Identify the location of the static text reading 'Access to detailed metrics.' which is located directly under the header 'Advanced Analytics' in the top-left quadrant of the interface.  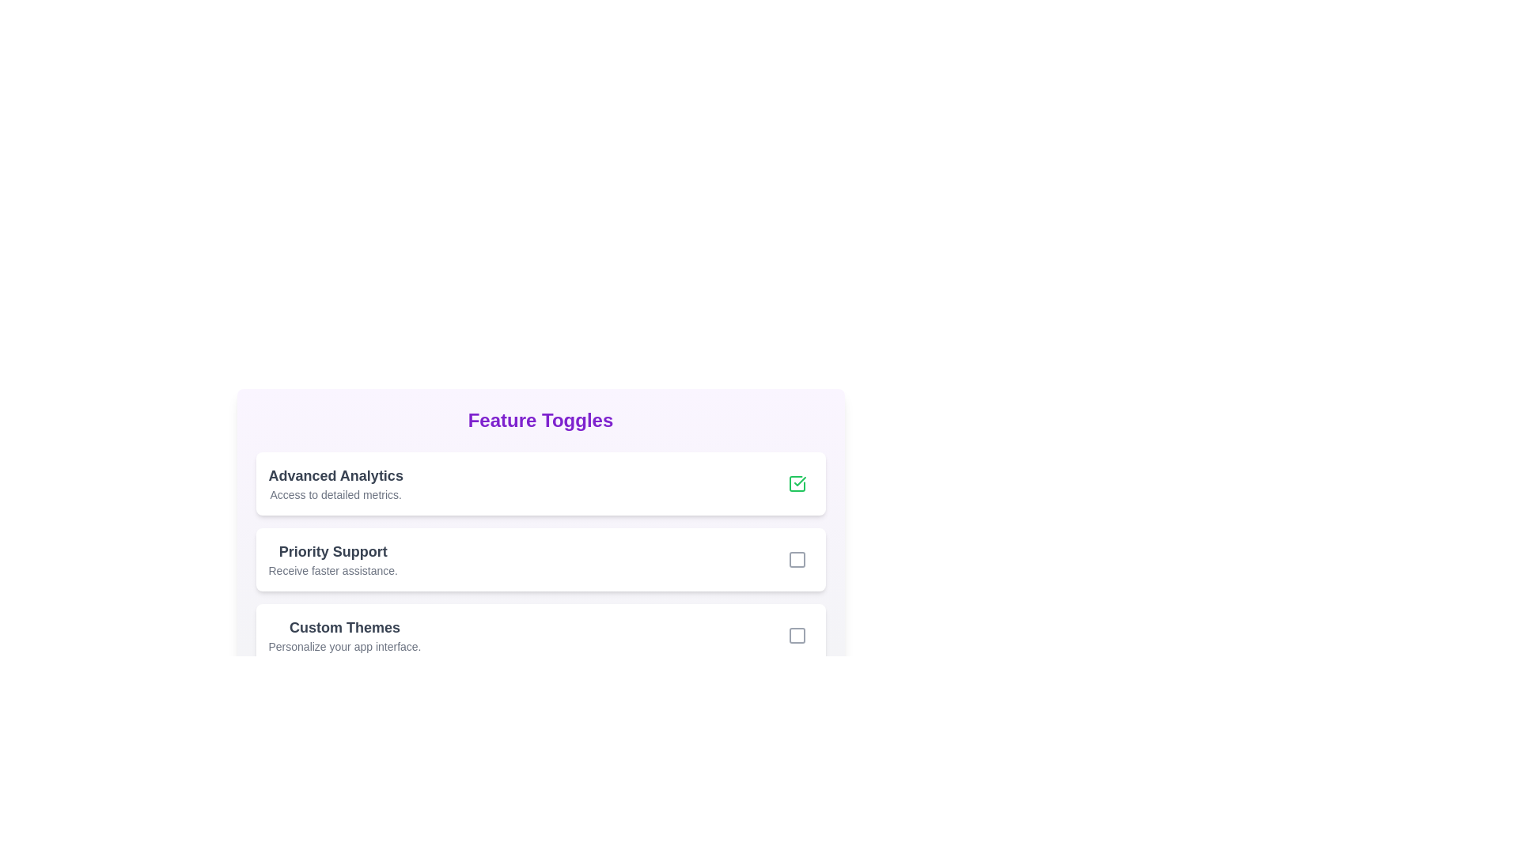
(335, 493).